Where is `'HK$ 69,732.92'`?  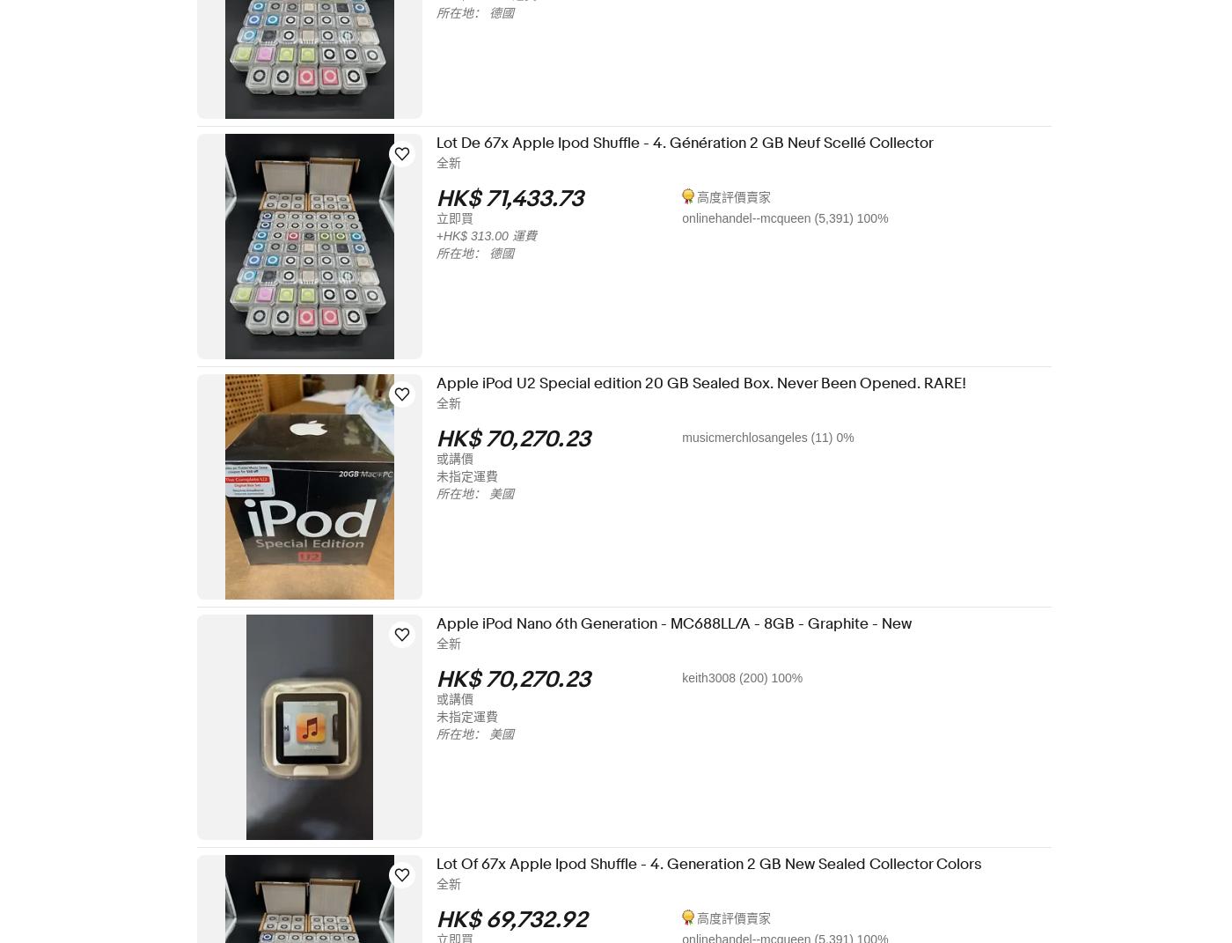
'HK$ 69,732.92' is located at coordinates (523, 920).